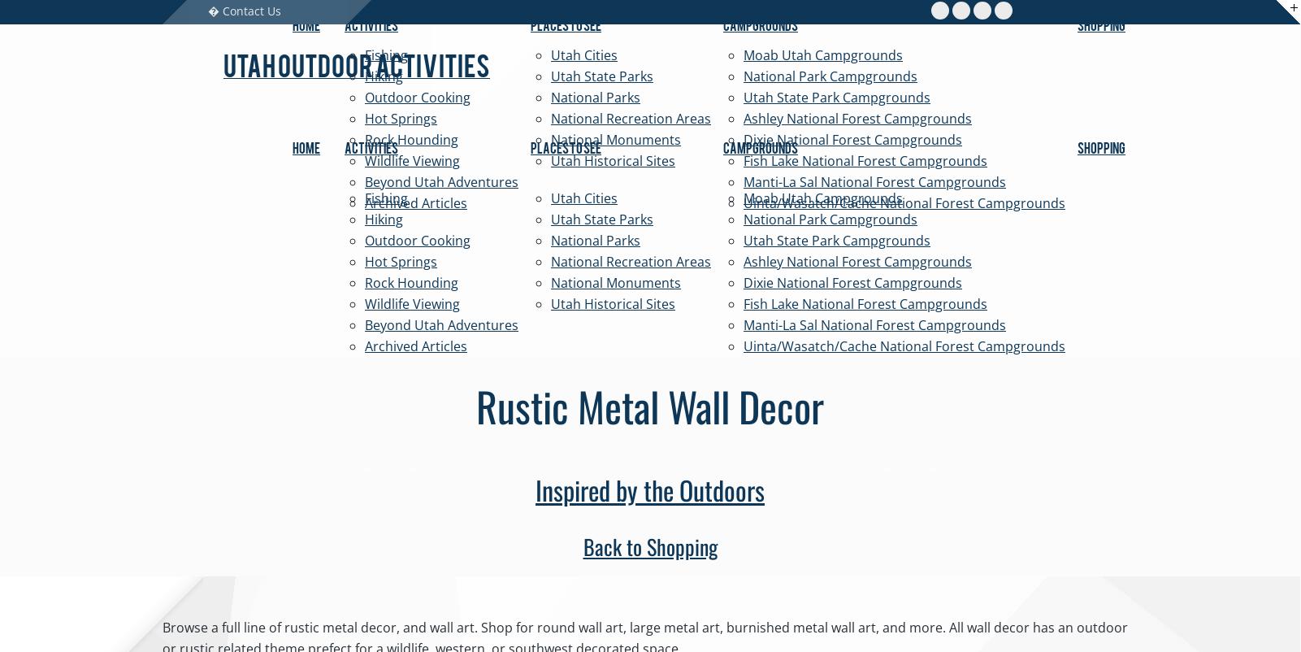 This screenshot has width=1301, height=652. Describe the element at coordinates (649, 489) in the screenshot. I see `'Inspired by the Outdoors'` at that location.